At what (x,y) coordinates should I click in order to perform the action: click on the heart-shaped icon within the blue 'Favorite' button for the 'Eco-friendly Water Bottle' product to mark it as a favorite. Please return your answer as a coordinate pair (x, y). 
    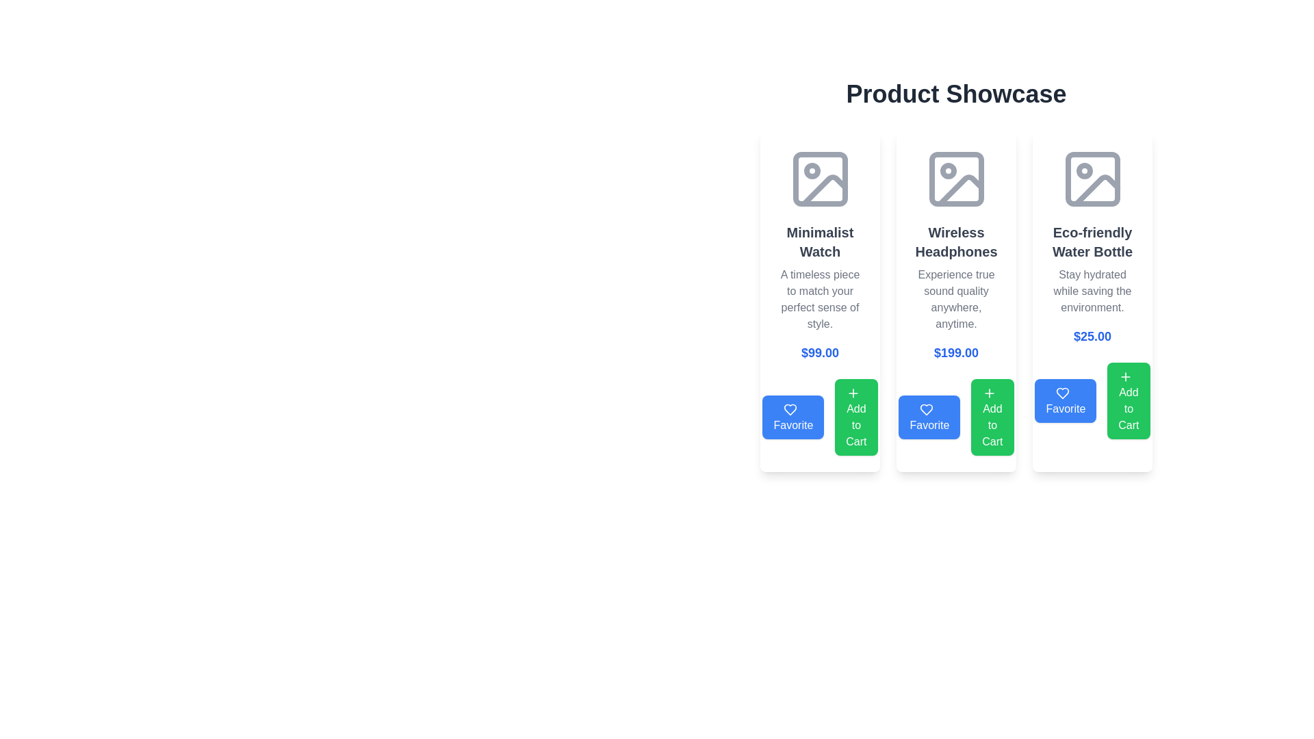
    Looking at the image, I should click on (1062, 393).